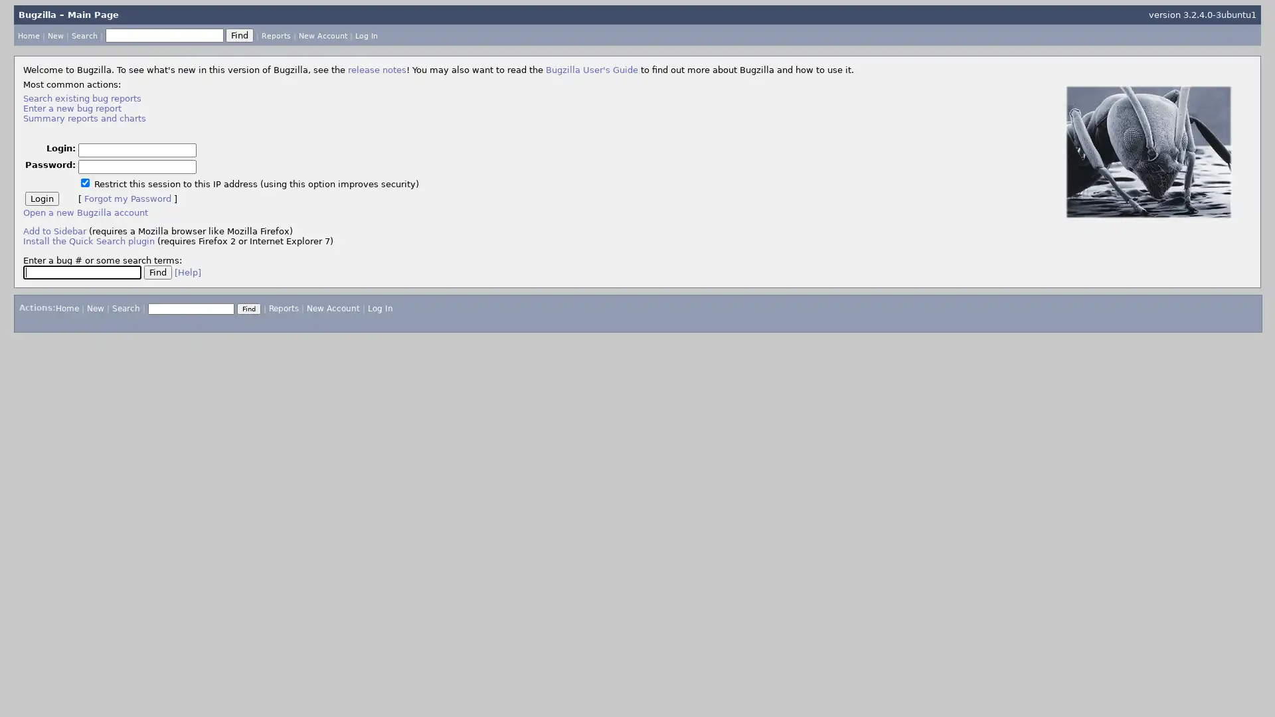  Describe the element at coordinates (157, 271) in the screenshot. I see `Find` at that location.